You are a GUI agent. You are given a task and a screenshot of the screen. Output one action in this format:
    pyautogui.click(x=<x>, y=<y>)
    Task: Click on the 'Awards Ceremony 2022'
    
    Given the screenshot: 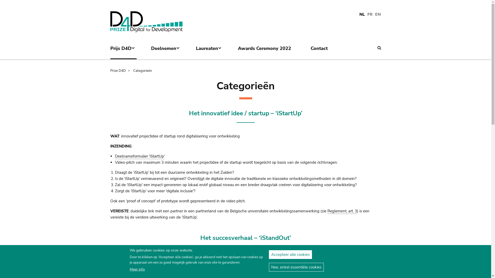 What is the action you would take?
    pyautogui.click(x=267, y=51)
    